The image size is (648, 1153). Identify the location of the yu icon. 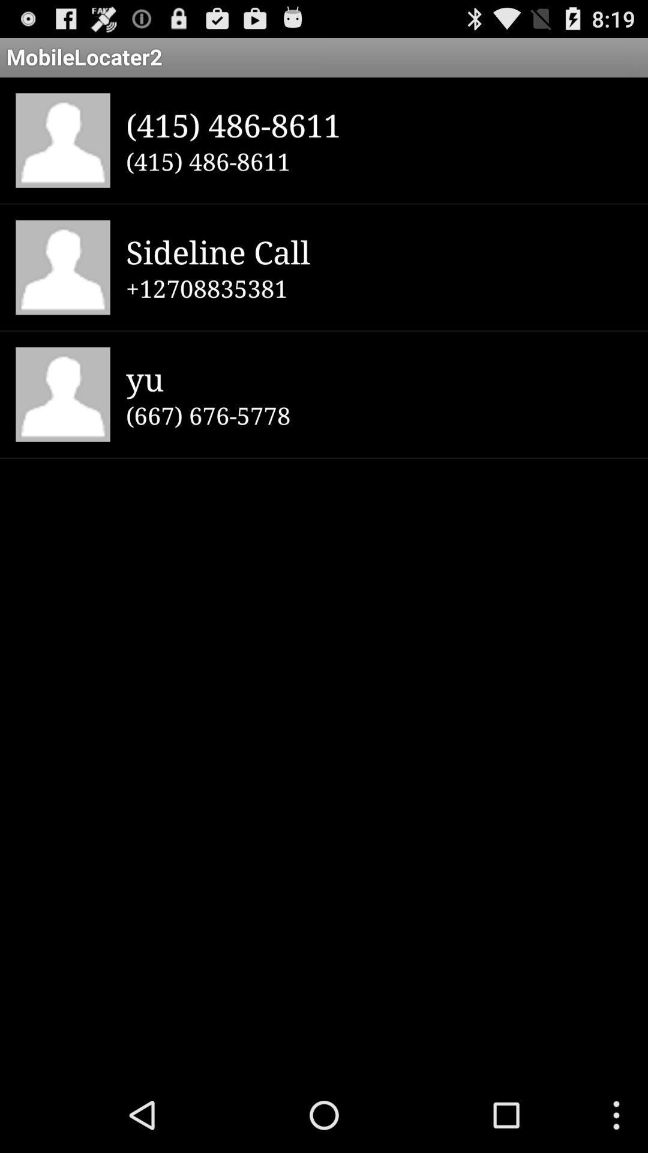
(379, 378).